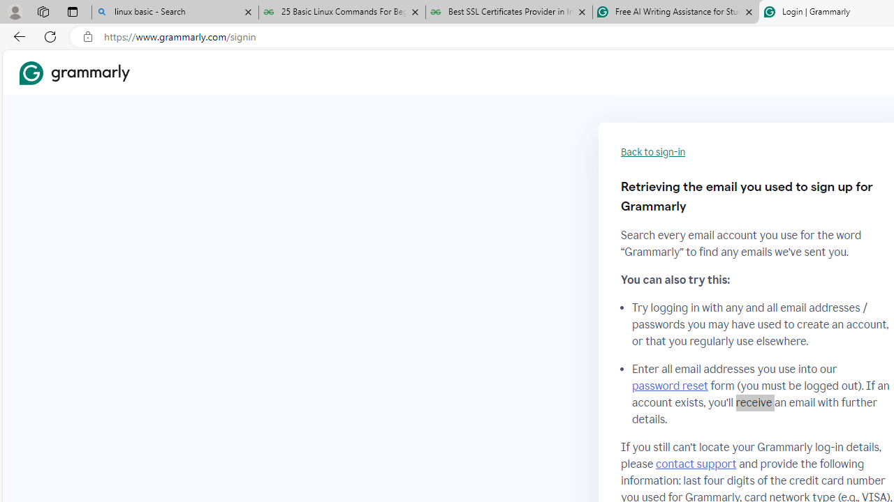 The width and height of the screenshot is (894, 502). What do you see at coordinates (669, 386) in the screenshot?
I see `'password reset'` at bounding box center [669, 386].